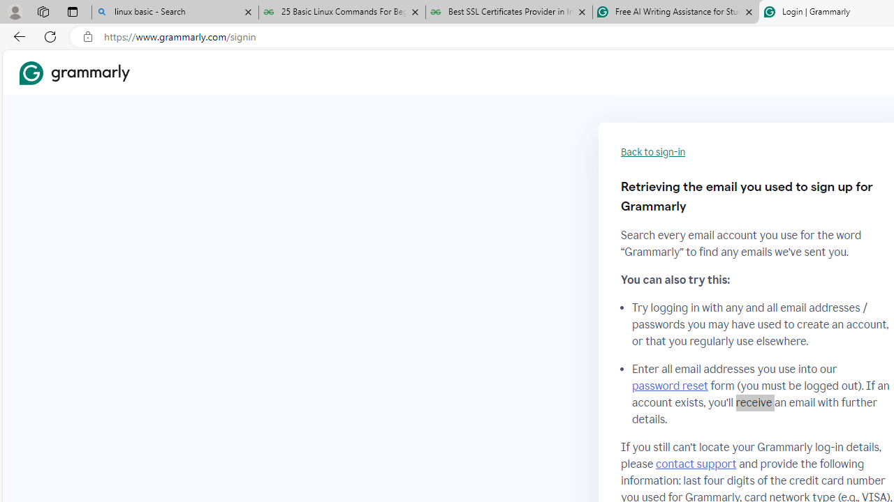 The width and height of the screenshot is (894, 502). What do you see at coordinates (669, 386) in the screenshot?
I see `'password reset'` at bounding box center [669, 386].